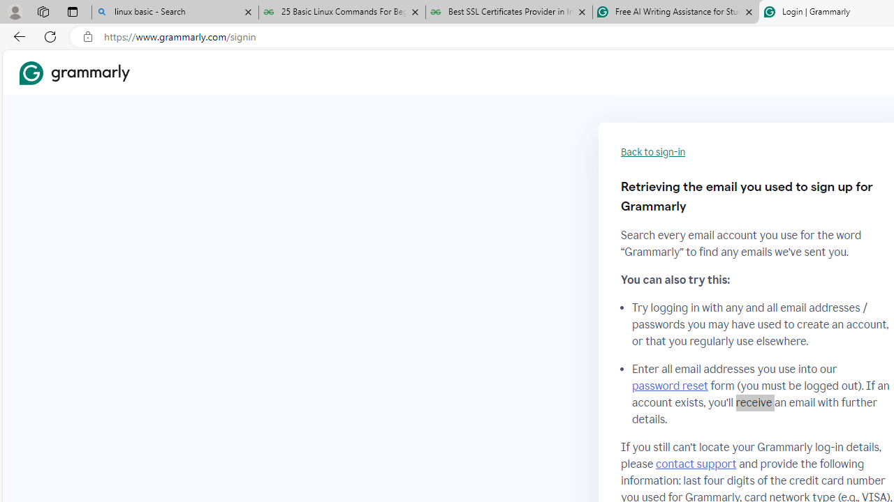 The width and height of the screenshot is (894, 502). What do you see at coordinates (669, 386) in the screenshot?
I see `'password reset'` at bounding box center [669, 386].